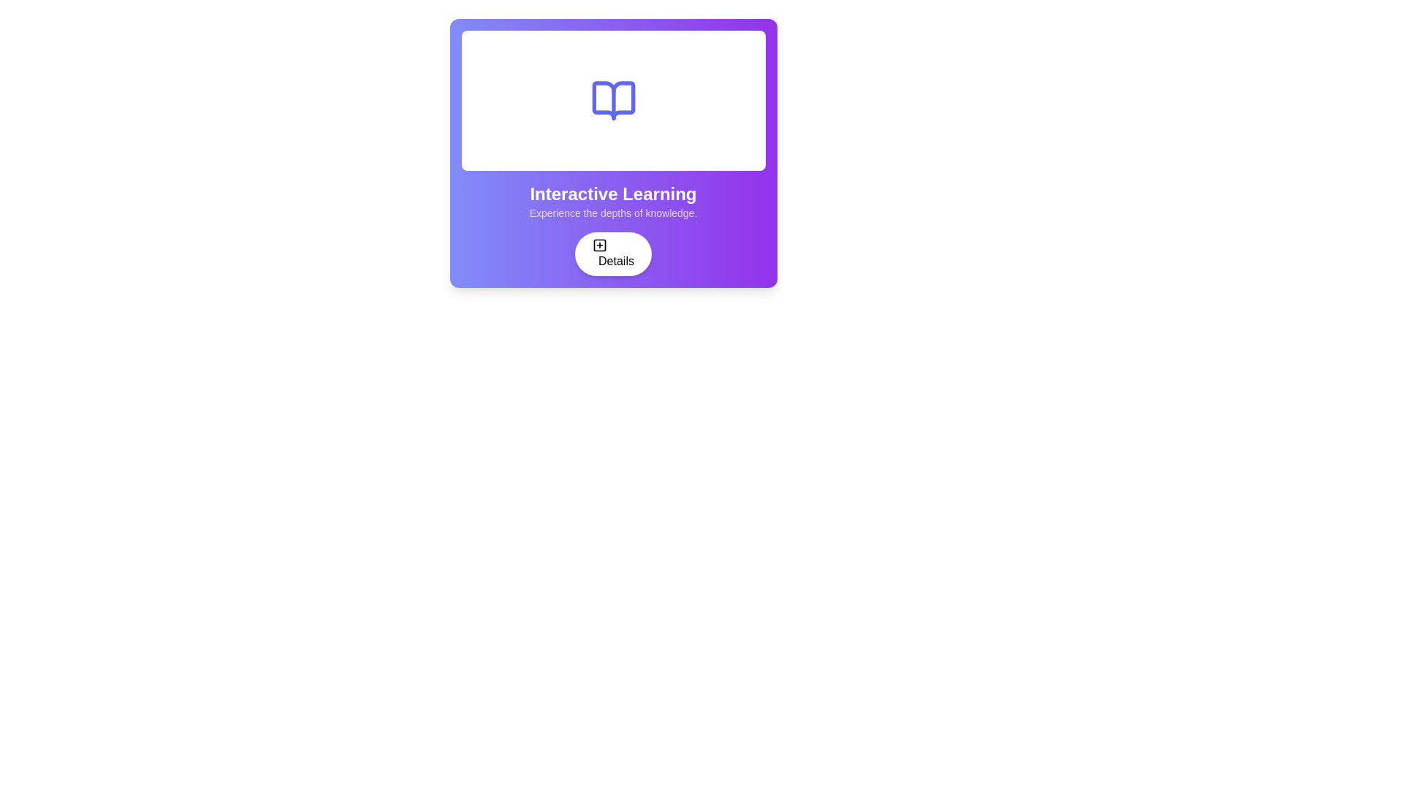 The width and height of the screenshot is (1403, 789). I want to click on text displayed in the Text block, which consists of 'Interactive Learning' in bold white font and 'Experience the depths of knowledge.' in light purple font, centered over a gradient background, so click(613, 202).